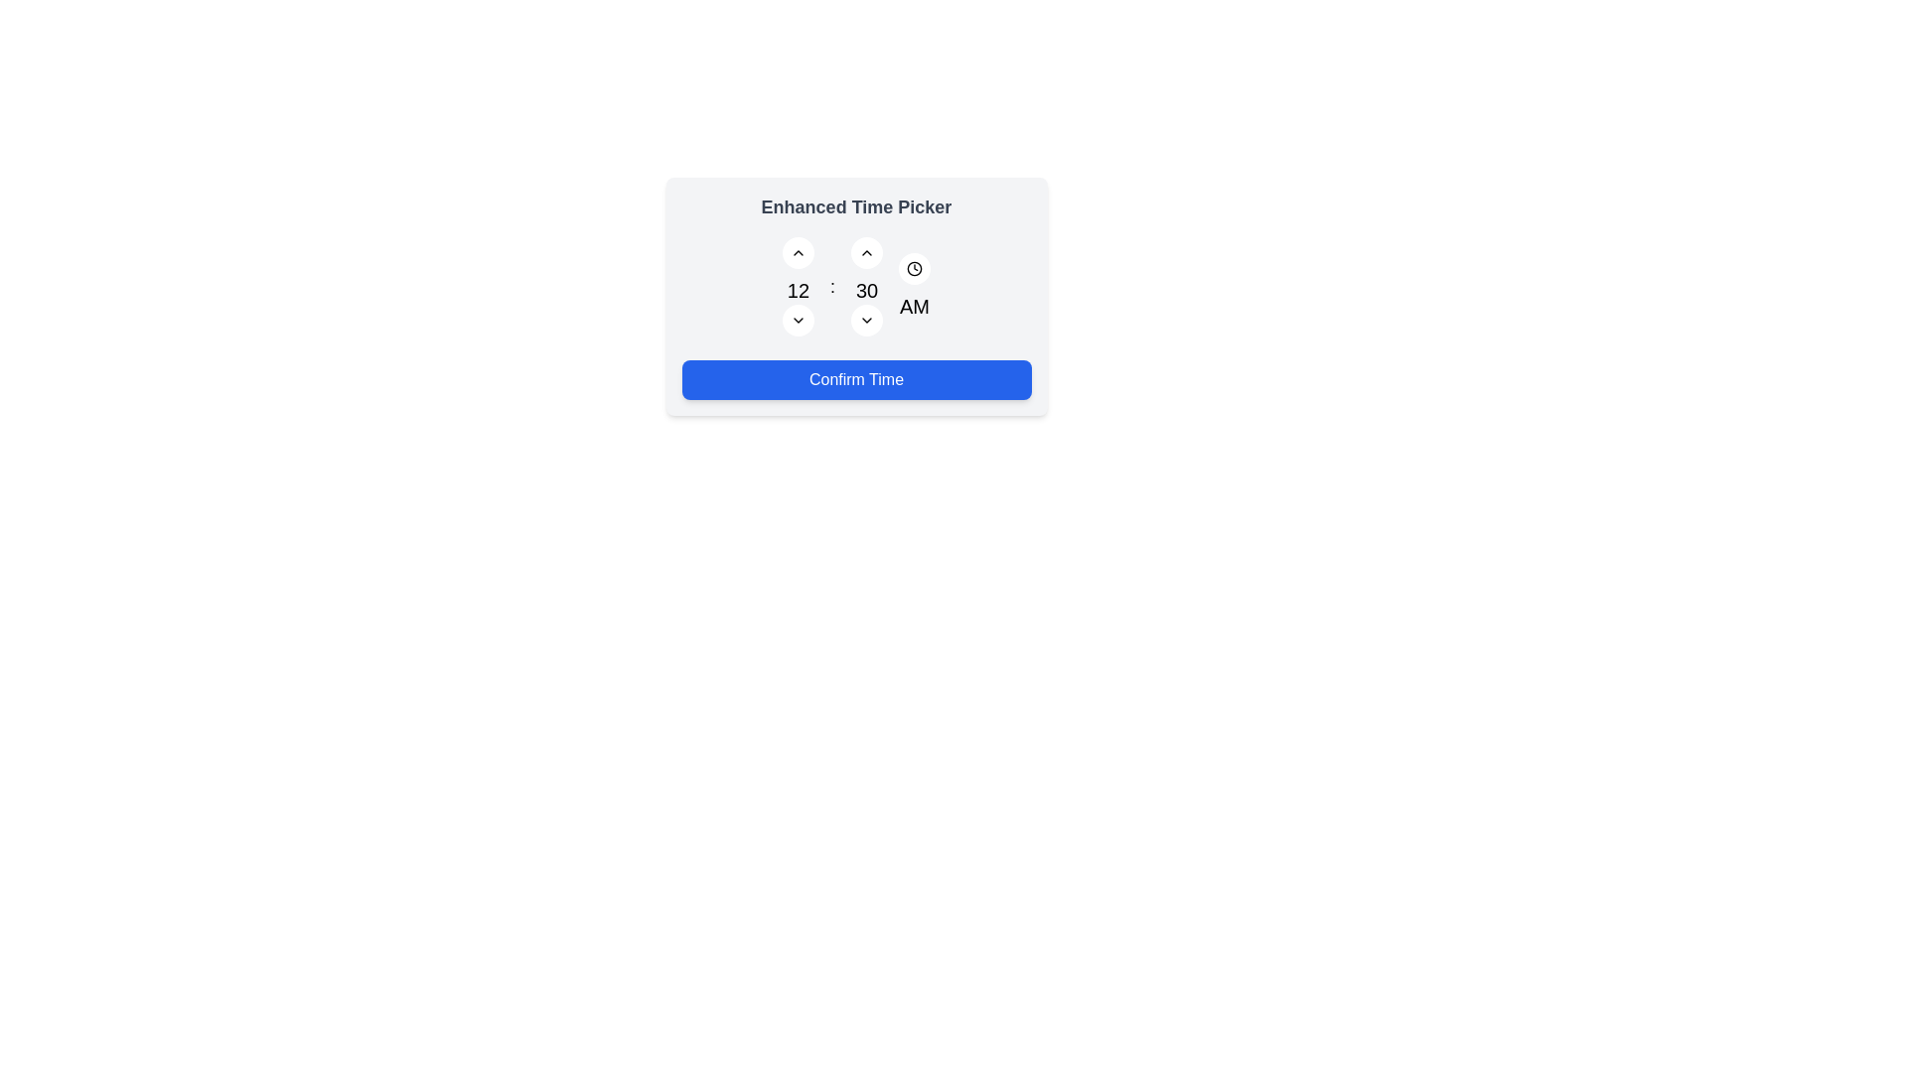 Image resolution: width=1907 pixels, height=1072 pixels. What do you see at coordinates (914, 268) in the screenshot?
I see `the circular shape representing the clock face within the SVG clock icon, located to the right of the time display and above the 'AM' indicator` at bounding box center [914, 268].